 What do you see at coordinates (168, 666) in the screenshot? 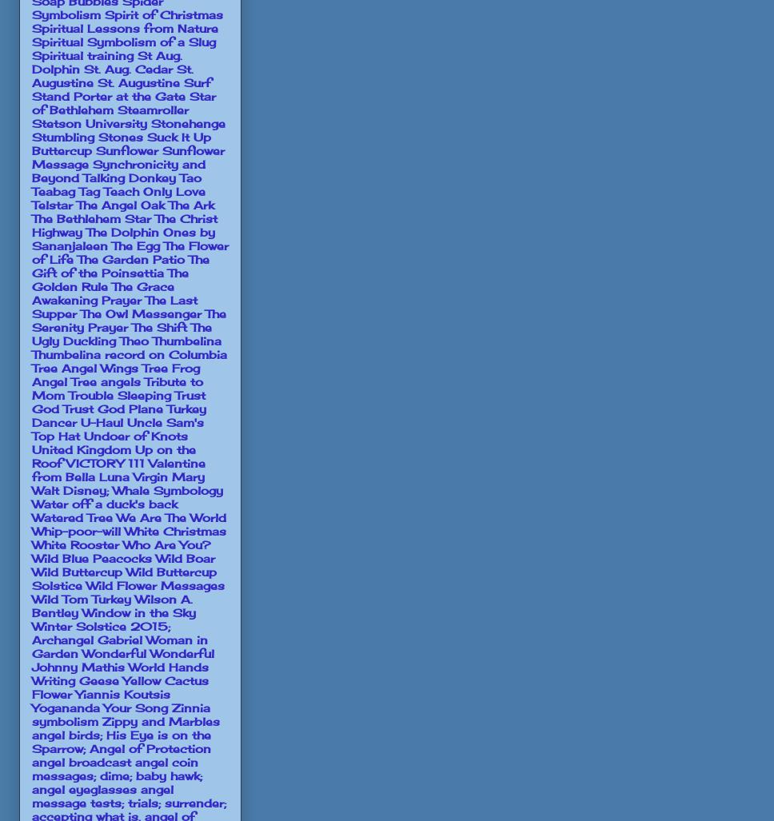
I see `'World Hands'` at bounding box center [168, 666].